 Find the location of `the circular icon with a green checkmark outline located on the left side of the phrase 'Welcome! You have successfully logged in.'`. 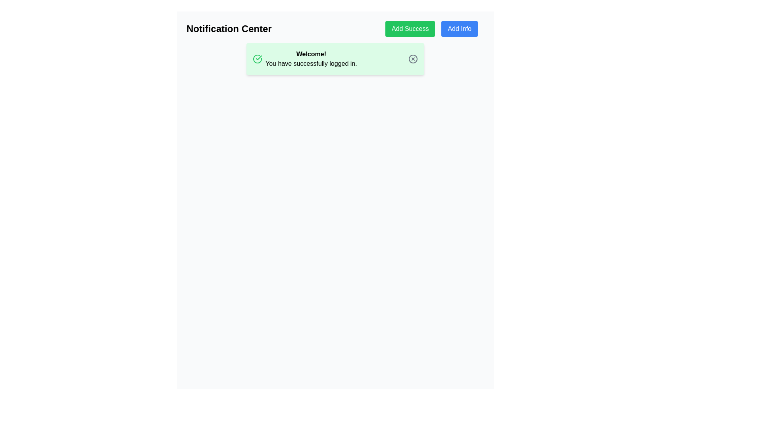

the circular icon with a green checkmark outline located on the left side of the phrase 'Welcome! You have successfully logged in.' is located at coordinates (257, 59).